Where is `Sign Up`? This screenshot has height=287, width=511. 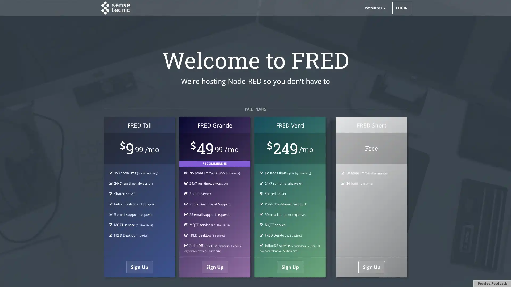
Sign Up is located at coordinates (139, 267).